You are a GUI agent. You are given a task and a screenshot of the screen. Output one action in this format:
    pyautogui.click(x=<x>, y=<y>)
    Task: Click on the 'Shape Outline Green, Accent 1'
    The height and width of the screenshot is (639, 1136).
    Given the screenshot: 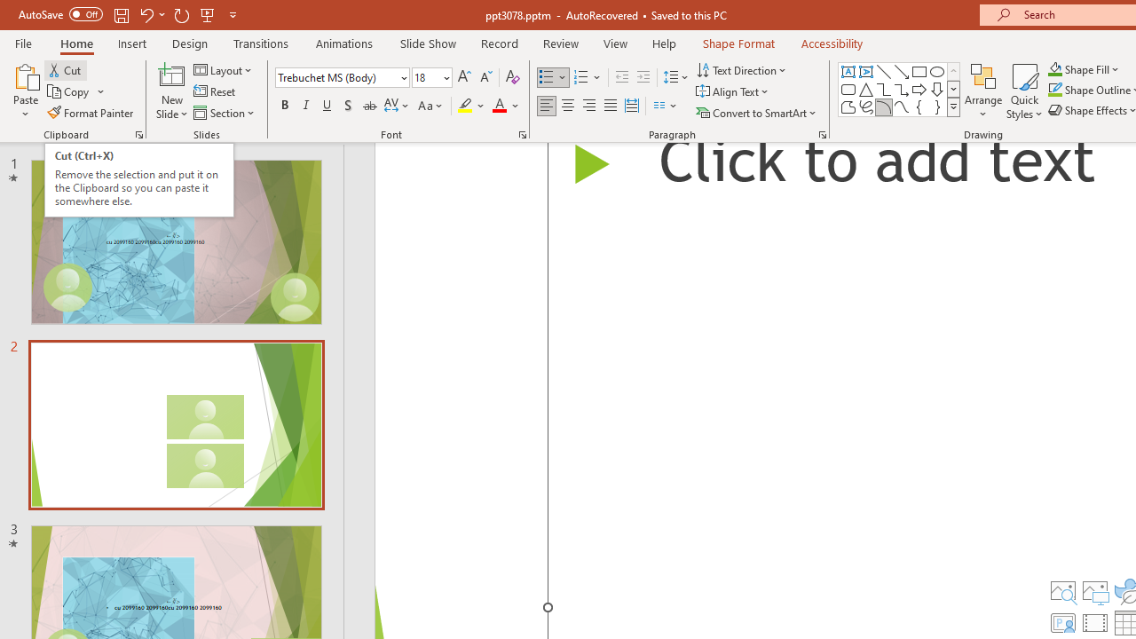 What is the action you would take?
    pyautogui.click(x=1055, y=90)
    